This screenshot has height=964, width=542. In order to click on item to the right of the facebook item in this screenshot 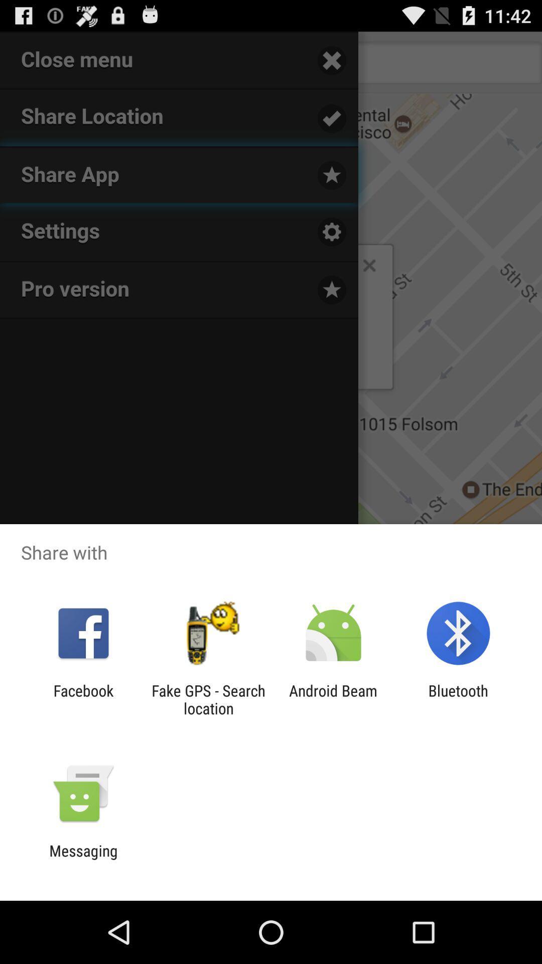, I will do `click(208, 699)`.